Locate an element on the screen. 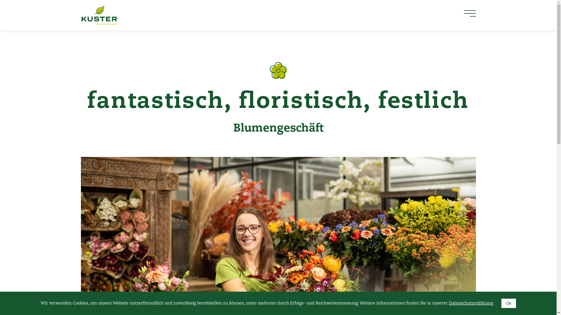 This screenshot has height=315, width=561. 'Home' is located at coordinates (80, 15).